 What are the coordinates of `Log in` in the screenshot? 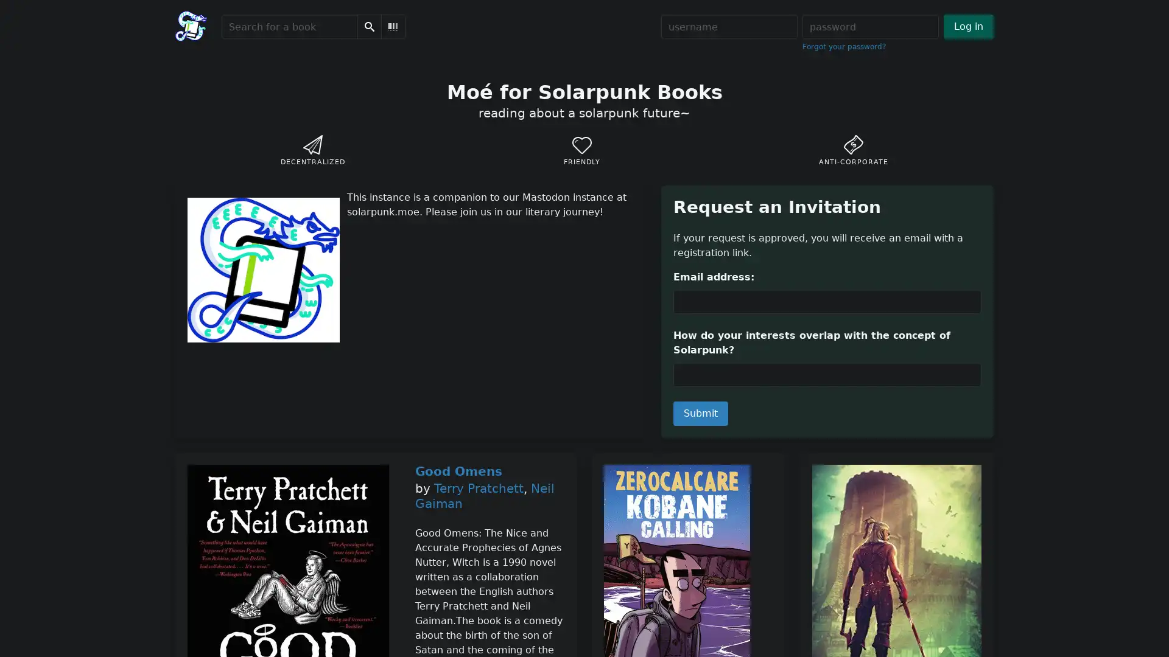 It's located at (967, 26).